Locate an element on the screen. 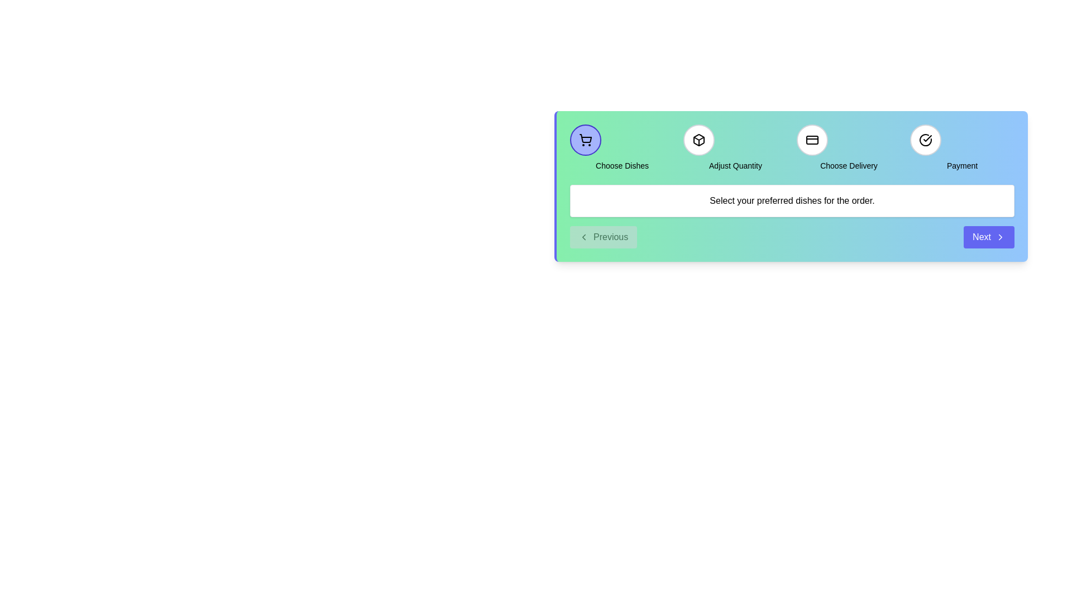 This screenshot has width=1072, height=603. the 'Payment' text label, which indicates the fourth step in a multi-step process, located beneath its corresponding circle icon is located at coordinates (961, 166).